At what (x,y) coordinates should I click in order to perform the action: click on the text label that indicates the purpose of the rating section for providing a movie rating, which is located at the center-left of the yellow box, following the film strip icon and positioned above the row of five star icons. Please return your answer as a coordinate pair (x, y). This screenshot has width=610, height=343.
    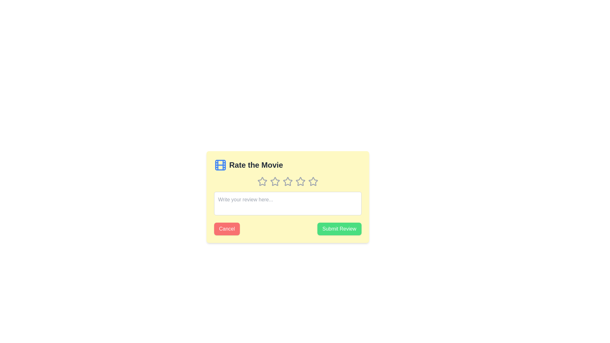
    Looking at the image, I should click on (256, 165).